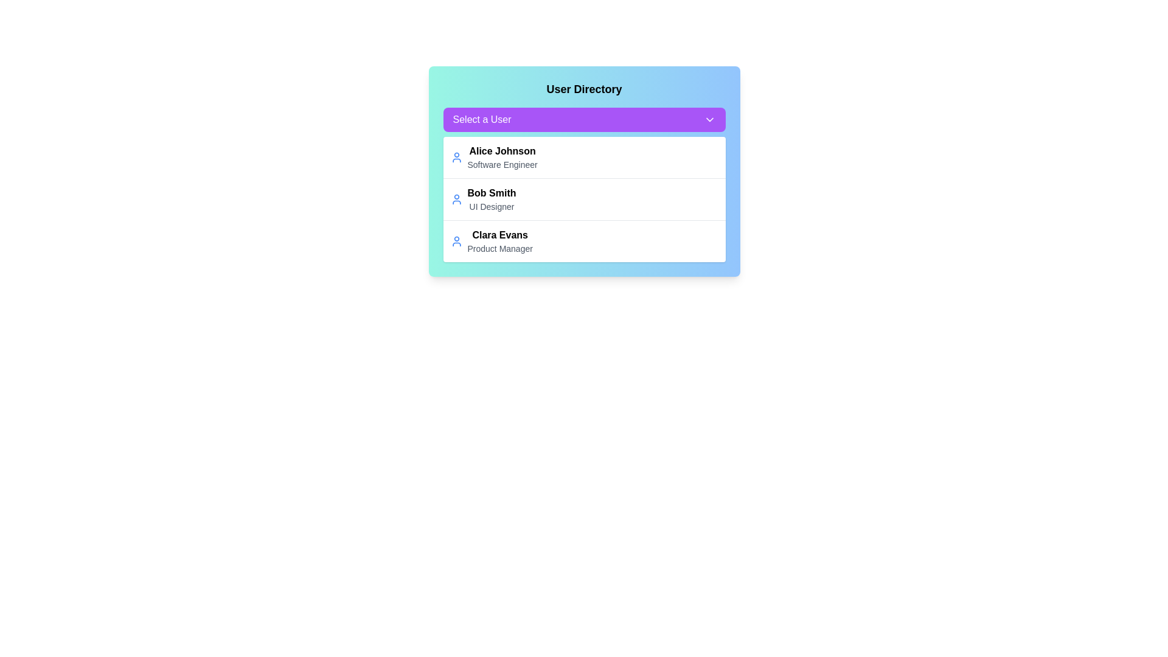 This screenshot has height=657, width=1168. Describe the element at coordinates (456, 242) in the screenshot. I see `the user avatar icon for 'Clara Evans' located at the leftmost part of her row in the user directory interface` at that location.